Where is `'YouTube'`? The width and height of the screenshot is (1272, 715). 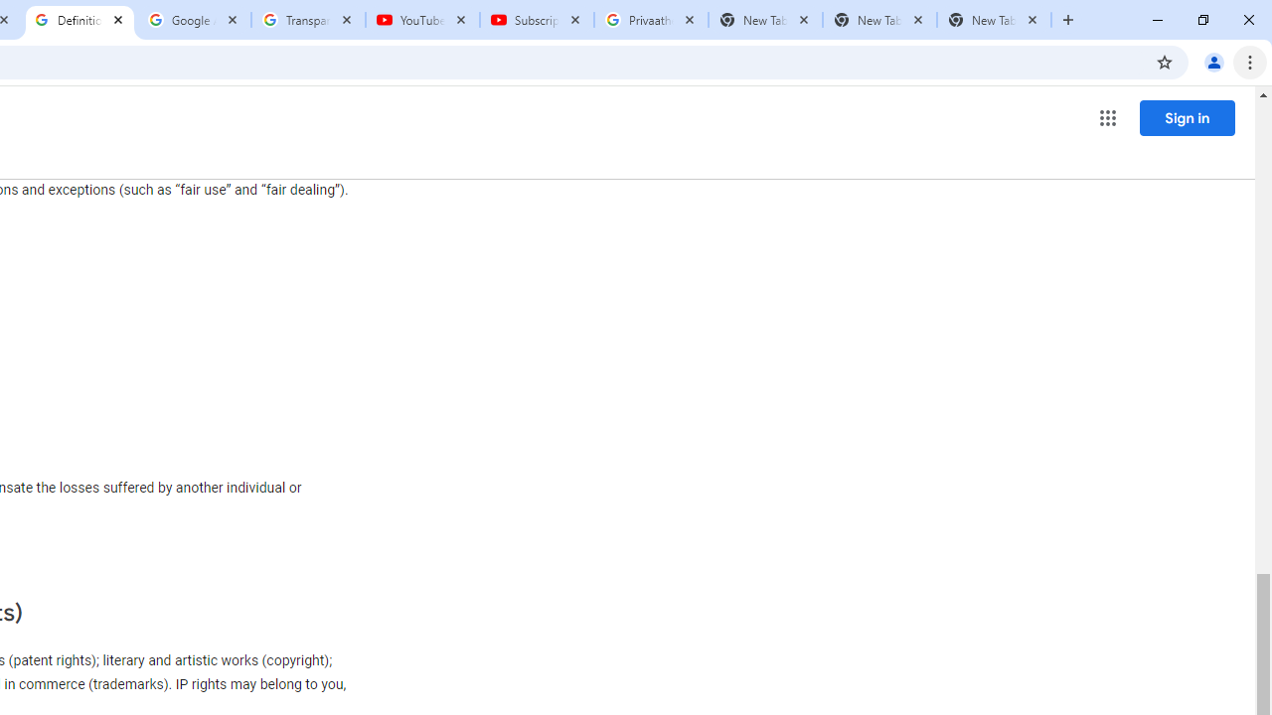
'YouTube' is located at coordinates (420, 20).